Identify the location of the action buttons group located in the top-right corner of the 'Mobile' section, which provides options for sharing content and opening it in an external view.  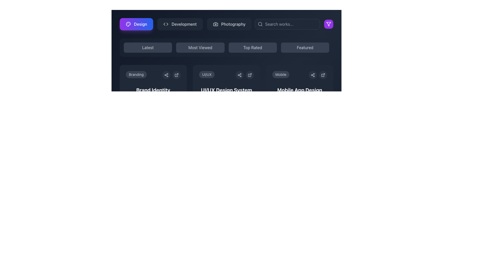
(318, 75).